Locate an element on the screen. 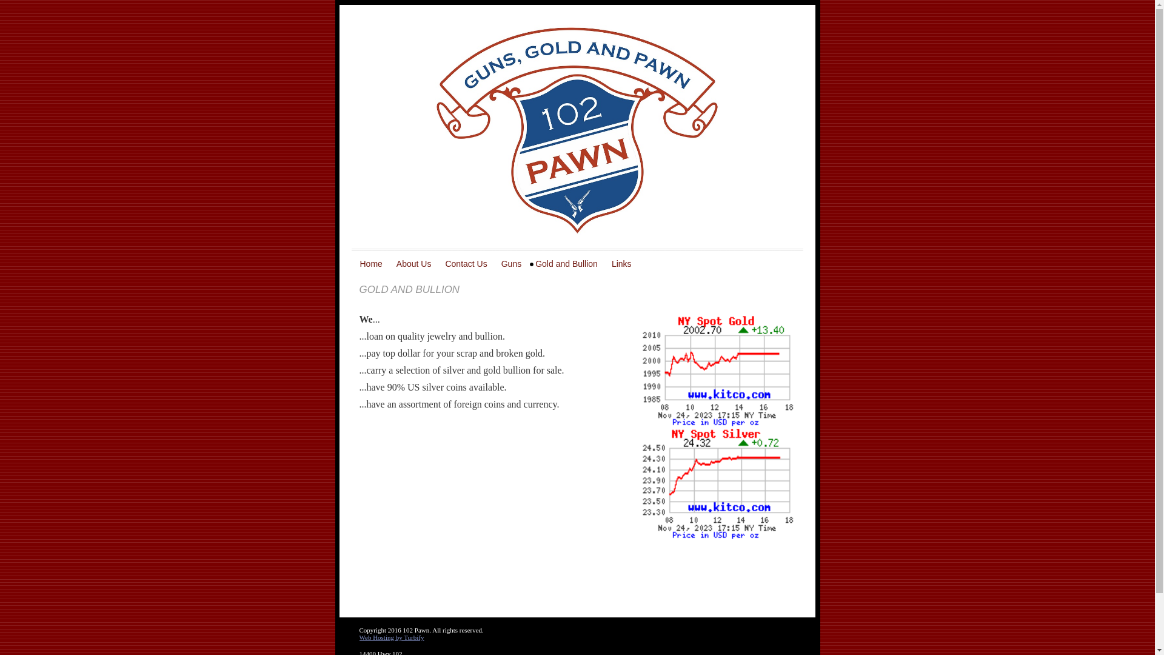 The width and height of the screenshot is (1164, 655). 'Guns' is located at coordinates (512, 263).